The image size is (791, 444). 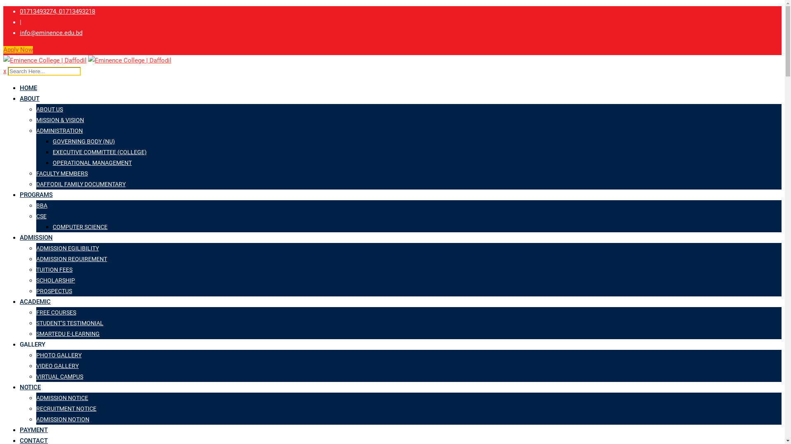 I want to click on 'PAYMENT', so click(x=33, y=429).